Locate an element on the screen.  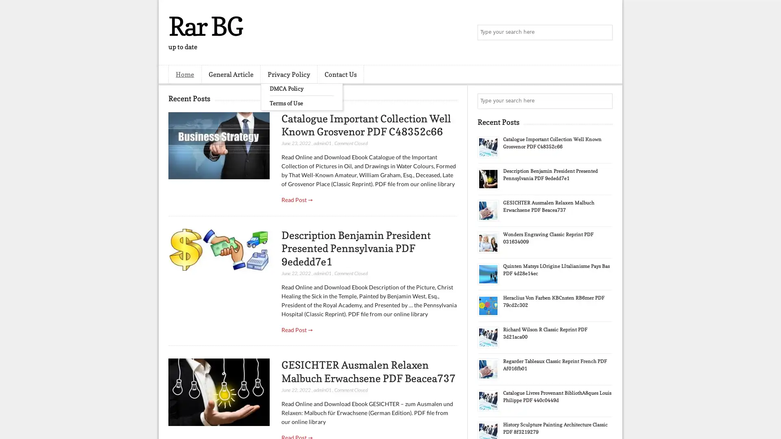
Search is located at coordinates (604, 101).